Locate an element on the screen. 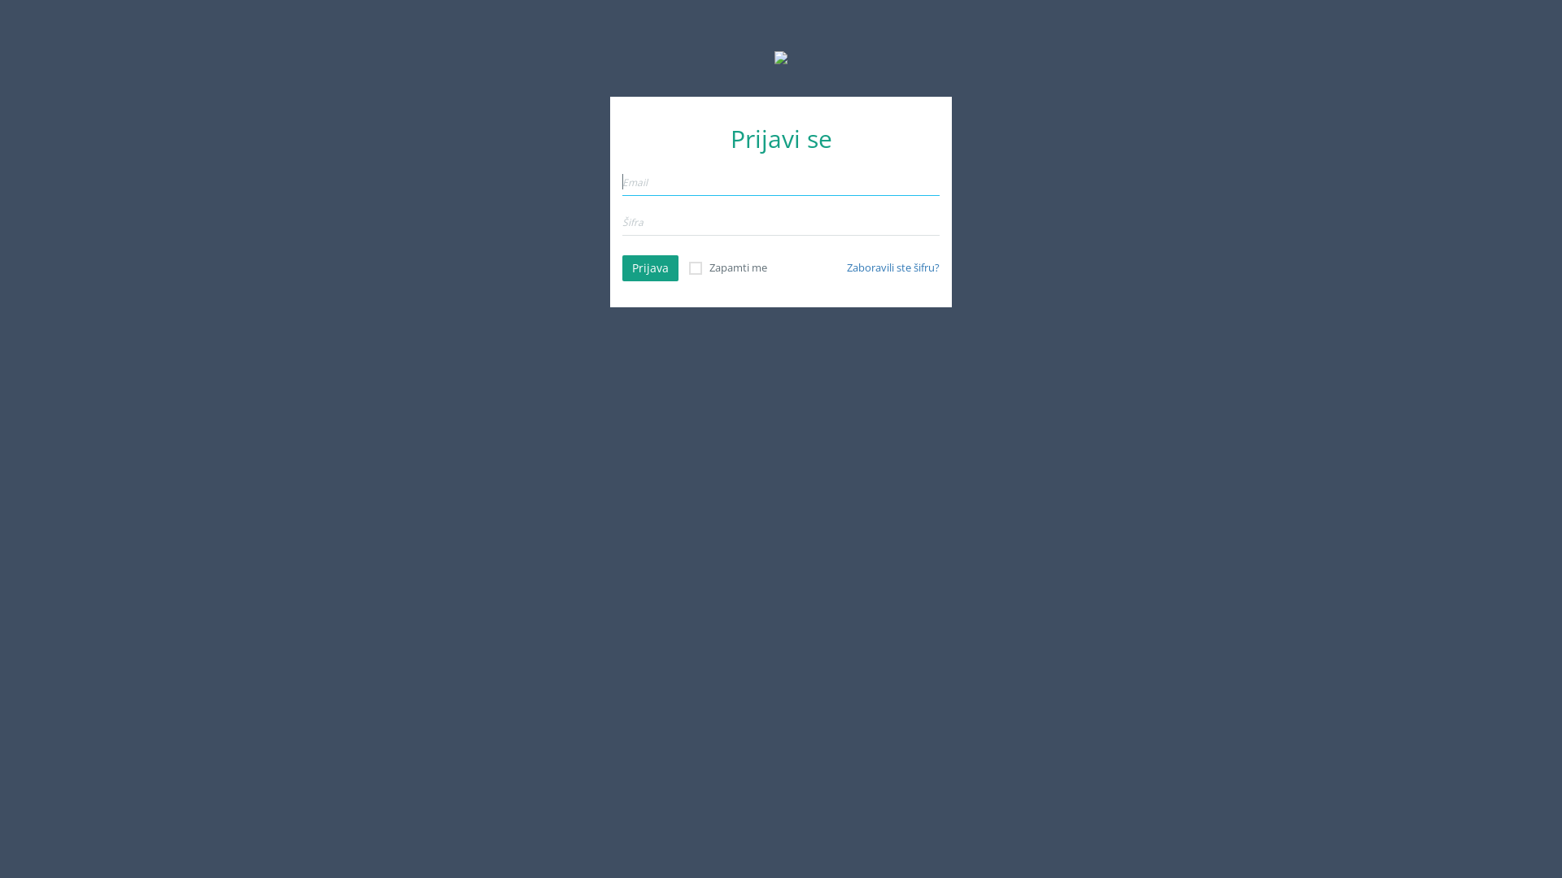 Image resolution: width=1562 pixels, height=878 pixels. 'Prijava' is located at coordinates (621, 267).